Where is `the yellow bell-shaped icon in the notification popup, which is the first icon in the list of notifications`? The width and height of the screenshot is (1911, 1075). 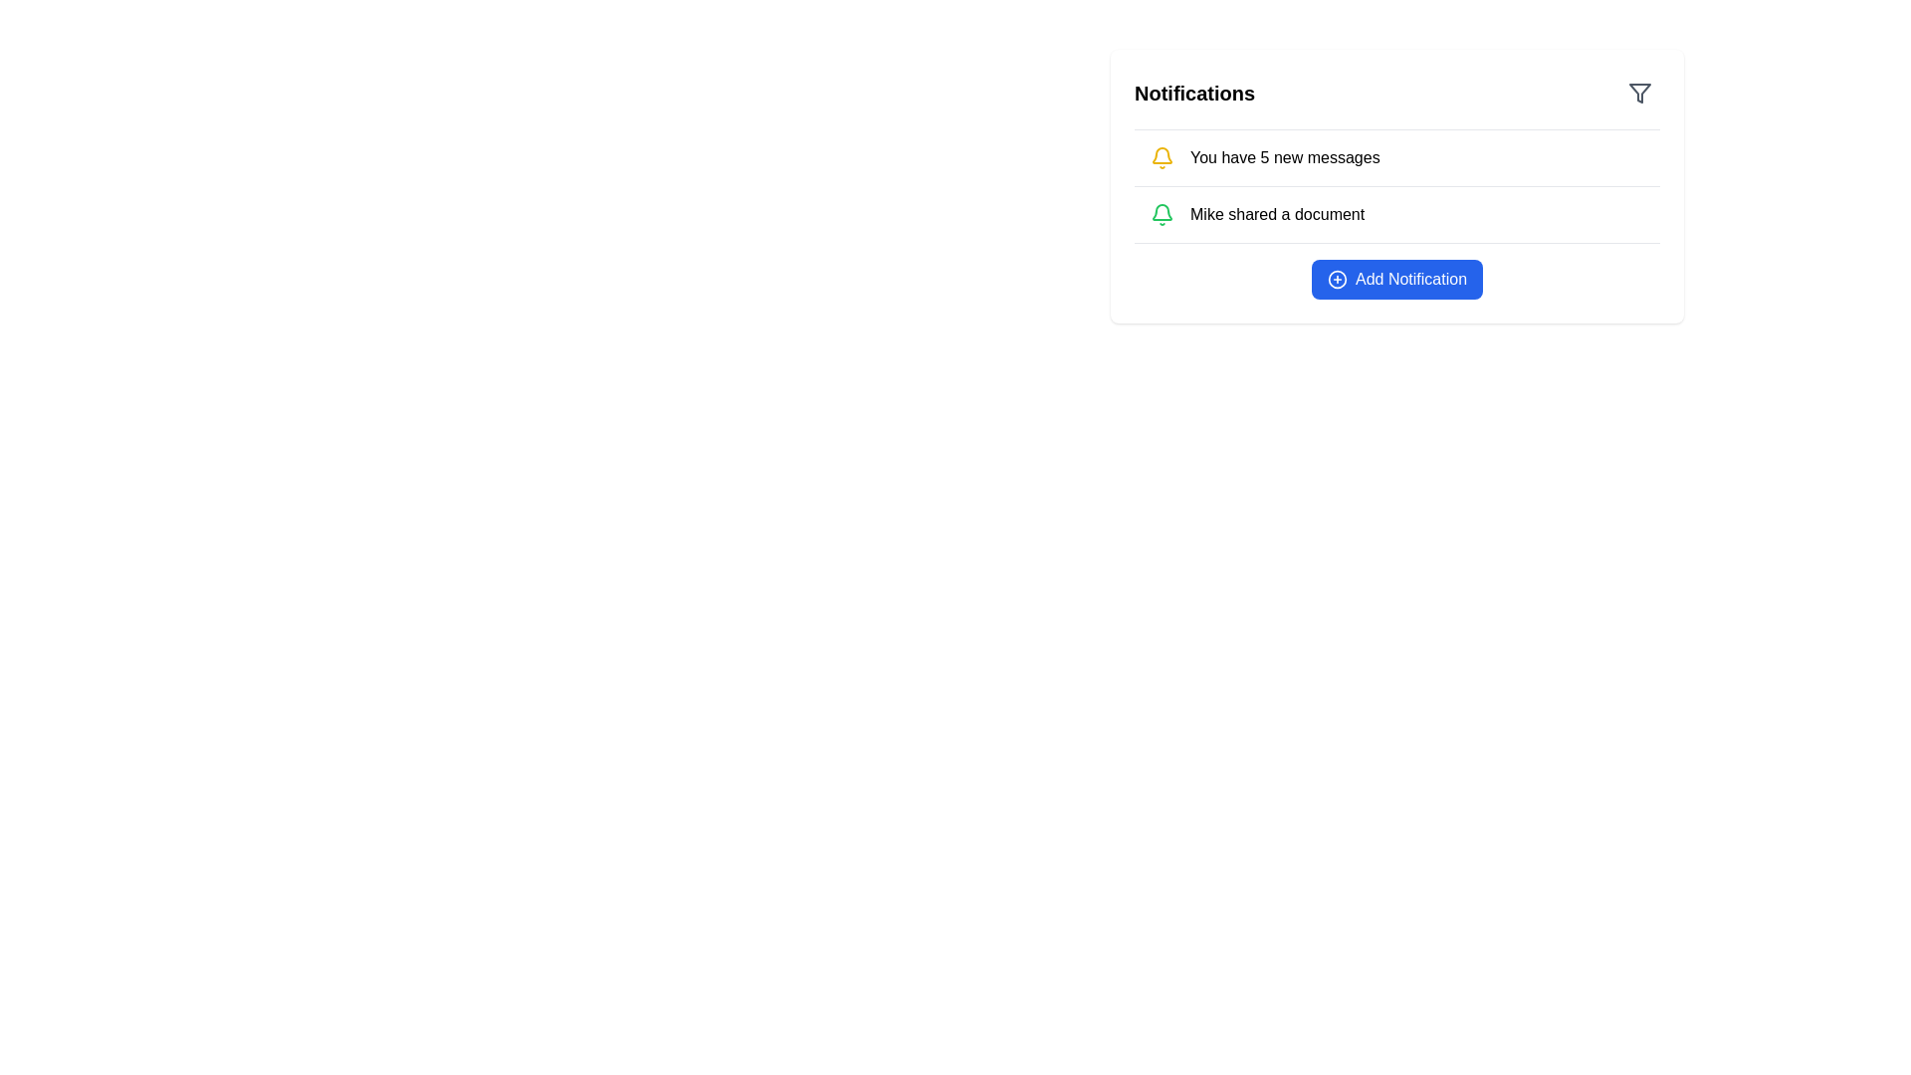 the yellow bell-shaped icon in the notification popup, which is the first icon in the list of notifications is located at coordinates (1162, 154).